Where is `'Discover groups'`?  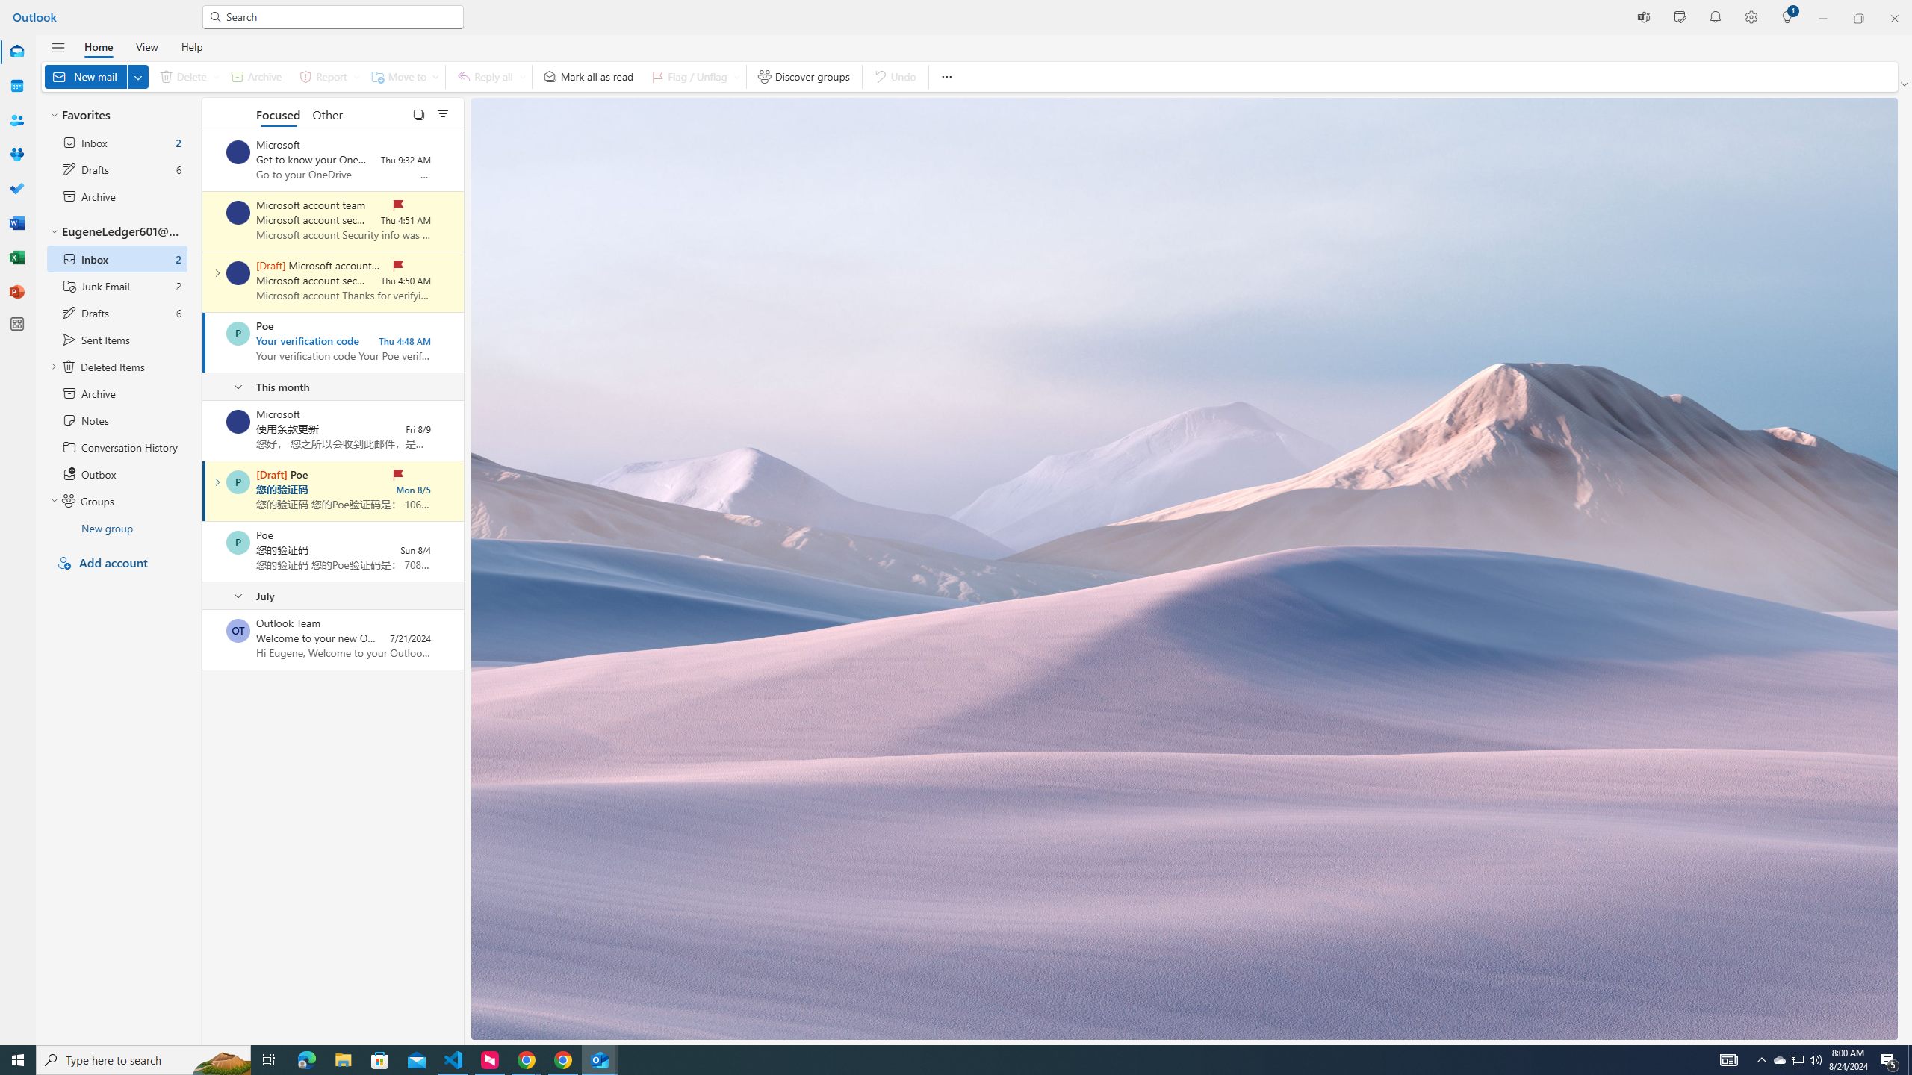 'Discover groups' is located at coordinates (804, 76).